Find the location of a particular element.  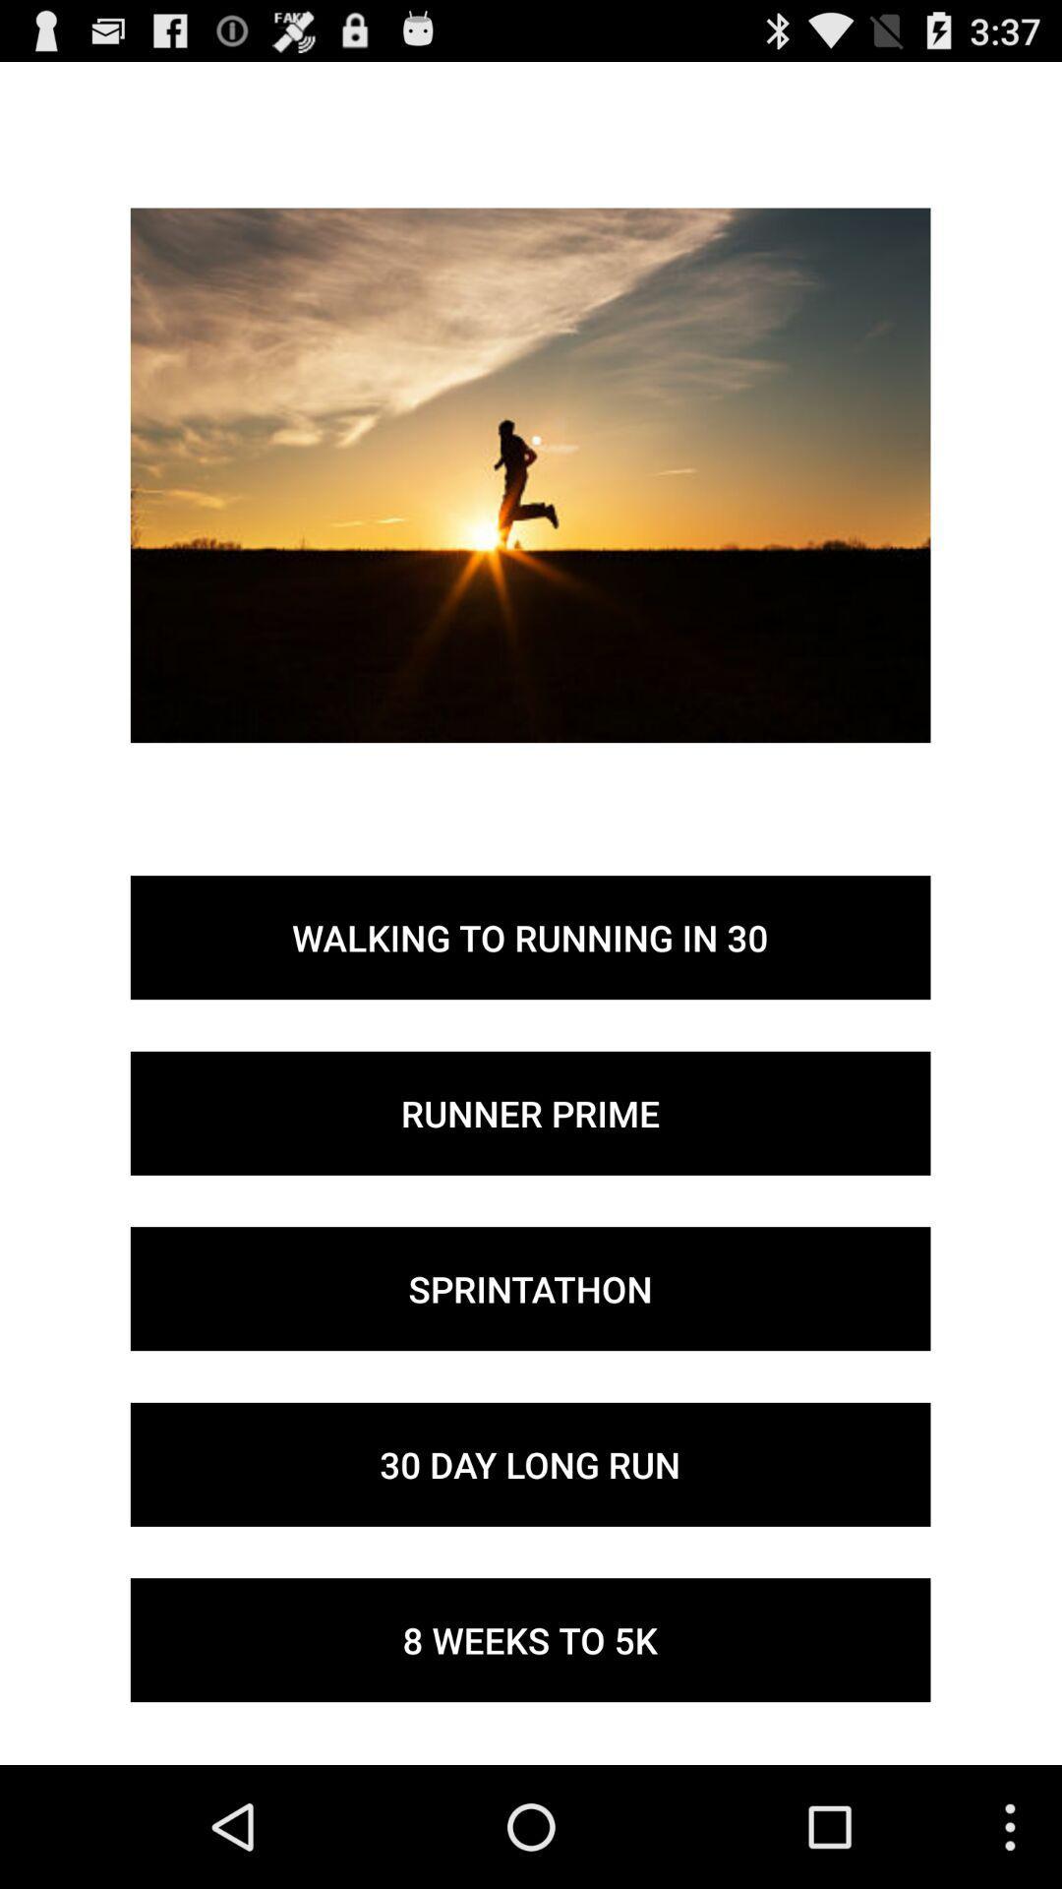

icon above 8 weeks to icon is located at coordinates (529, 1464).